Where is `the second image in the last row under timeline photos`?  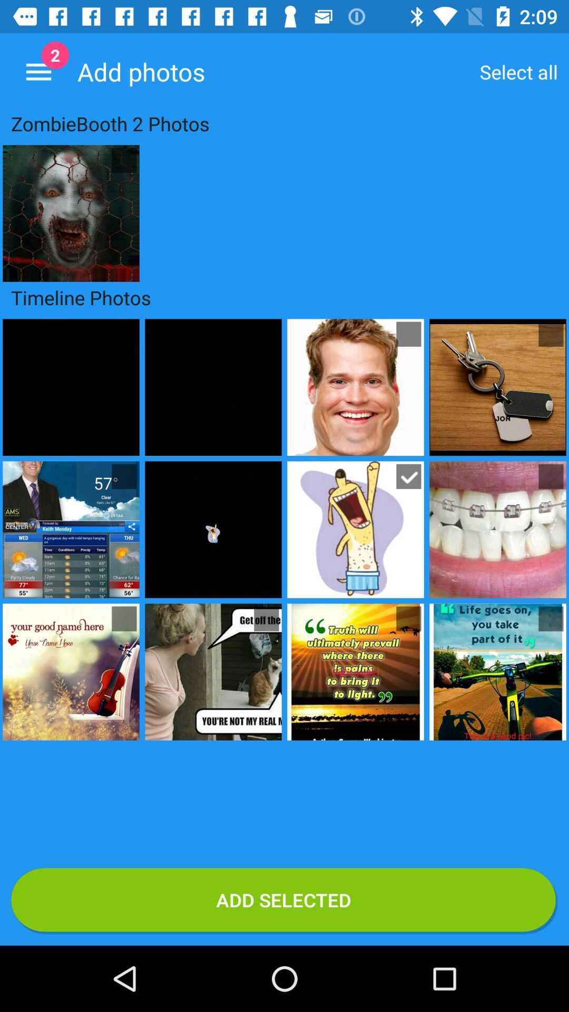 the second image in the last row under timeline photos is located at coordinates (213, 672).